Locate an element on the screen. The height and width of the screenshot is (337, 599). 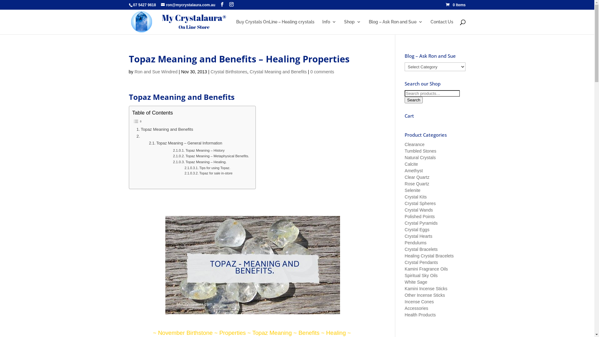
'Crystal Pyramids' is located at coordinates (404, 222).